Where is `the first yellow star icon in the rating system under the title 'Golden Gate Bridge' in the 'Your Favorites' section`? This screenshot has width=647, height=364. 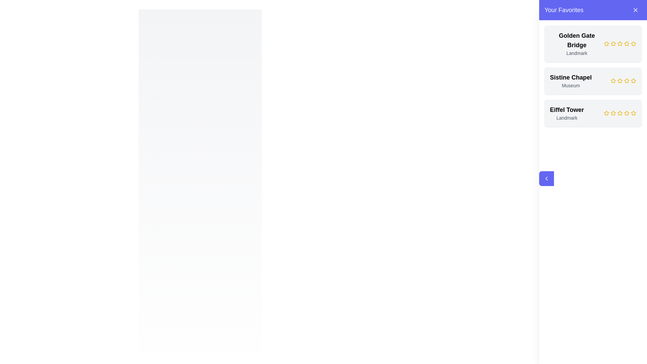
the first yellow star icon in the rating system under the title 'Golden Gate Bridge' in the 'Your Favorites' section is located at coordinates (613, 43).